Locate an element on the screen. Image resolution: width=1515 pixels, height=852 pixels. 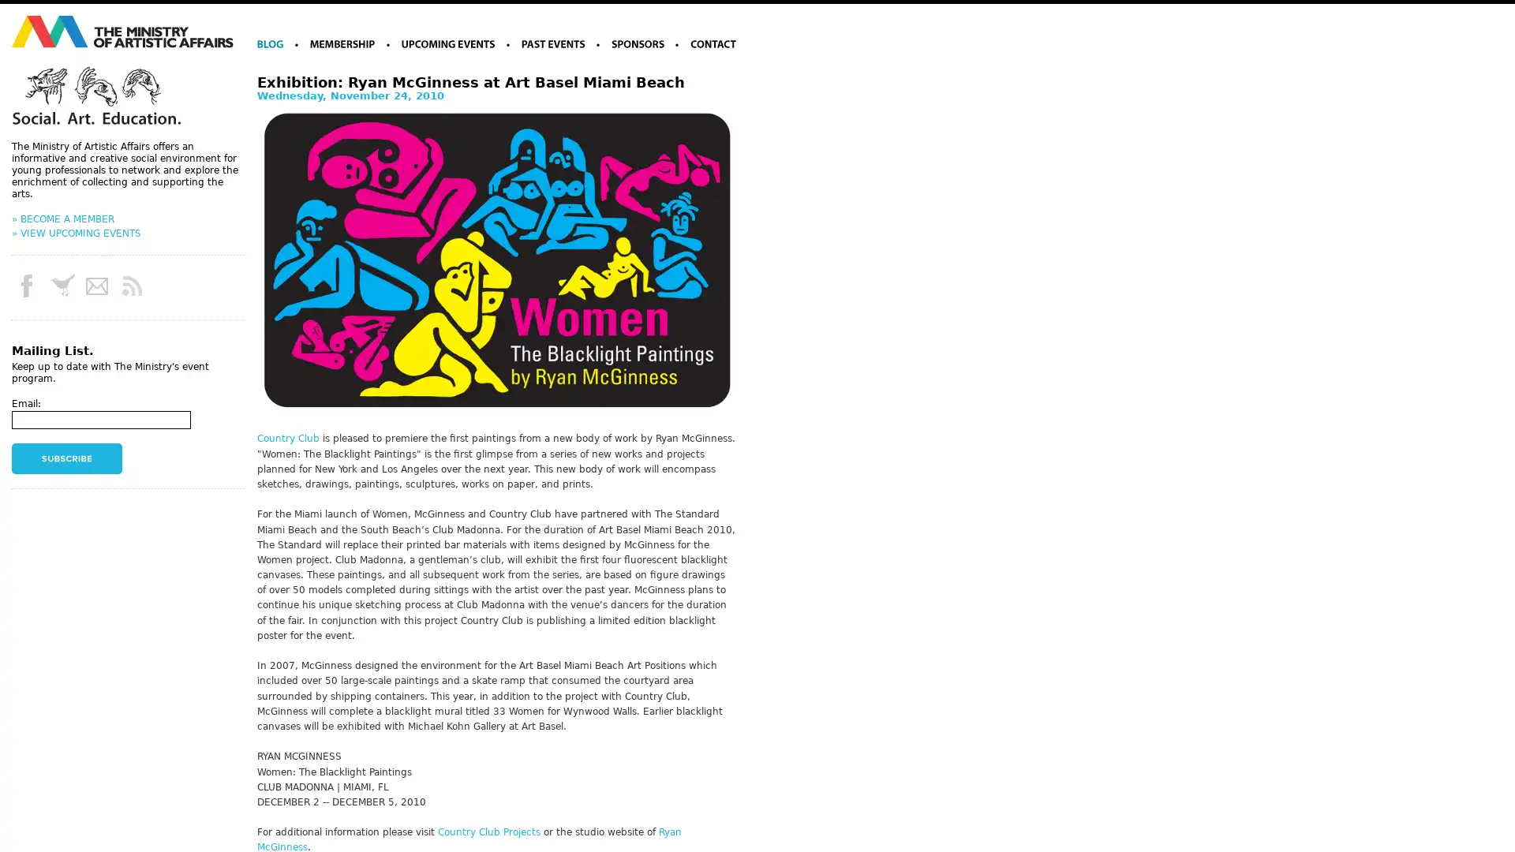
Submit is located at coordinates (66, 458).